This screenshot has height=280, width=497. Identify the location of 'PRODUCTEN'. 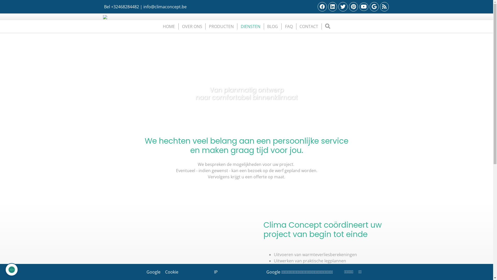
(221, 26).